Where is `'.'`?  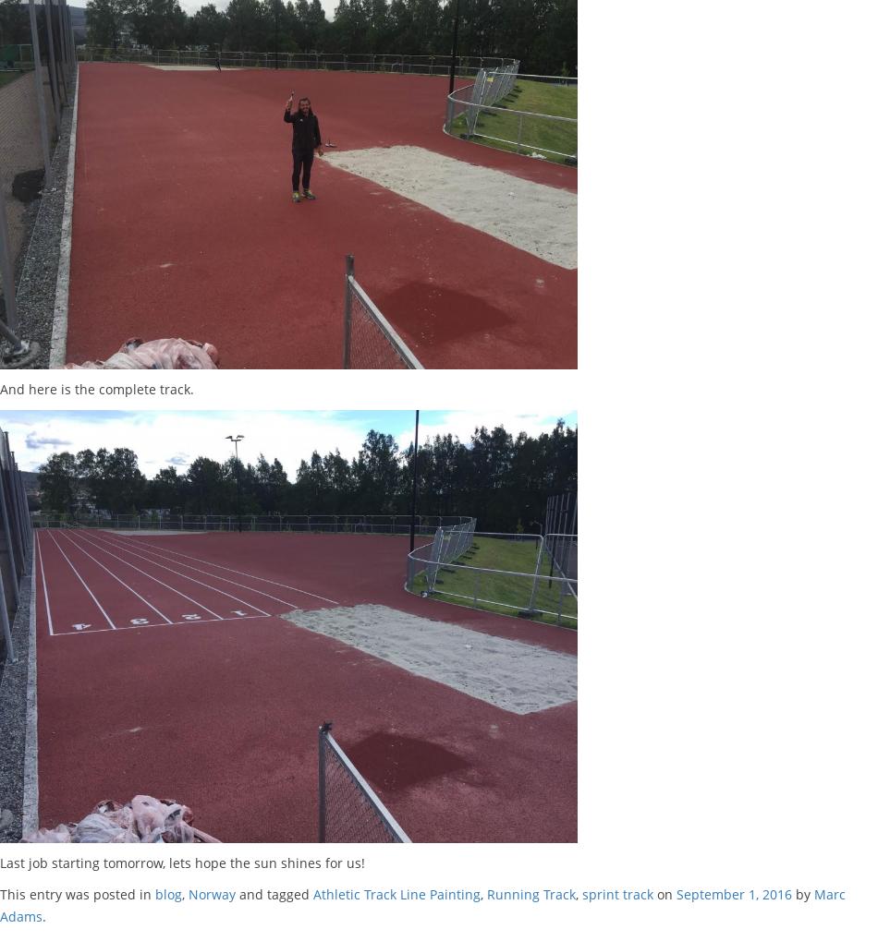 '.' is located at coordinates (43, 915).